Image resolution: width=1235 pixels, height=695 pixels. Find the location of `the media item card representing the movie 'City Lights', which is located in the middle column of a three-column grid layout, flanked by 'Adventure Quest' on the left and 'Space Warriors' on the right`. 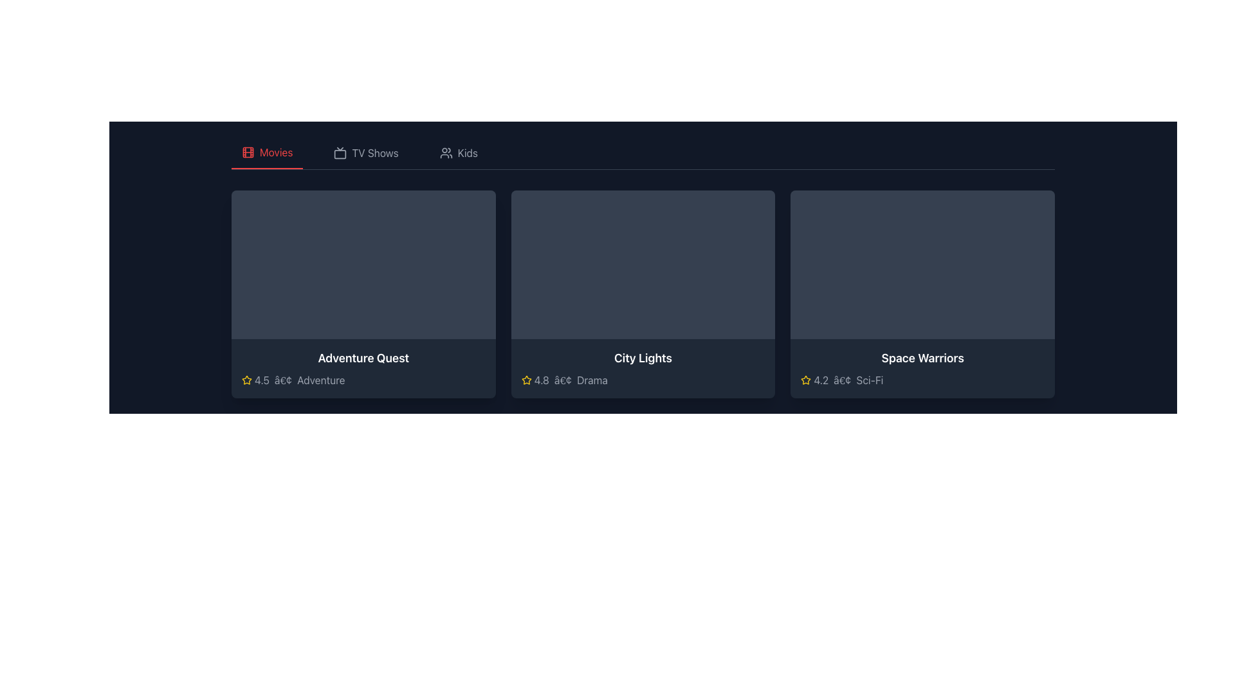

the media item card representing the movie 'City Lights', which is located in the middle column of a three-column grid layout, flanked by 'Adventure Quest' on the left and 'Space Warriors' on the right is located at coordinates (643, 294).